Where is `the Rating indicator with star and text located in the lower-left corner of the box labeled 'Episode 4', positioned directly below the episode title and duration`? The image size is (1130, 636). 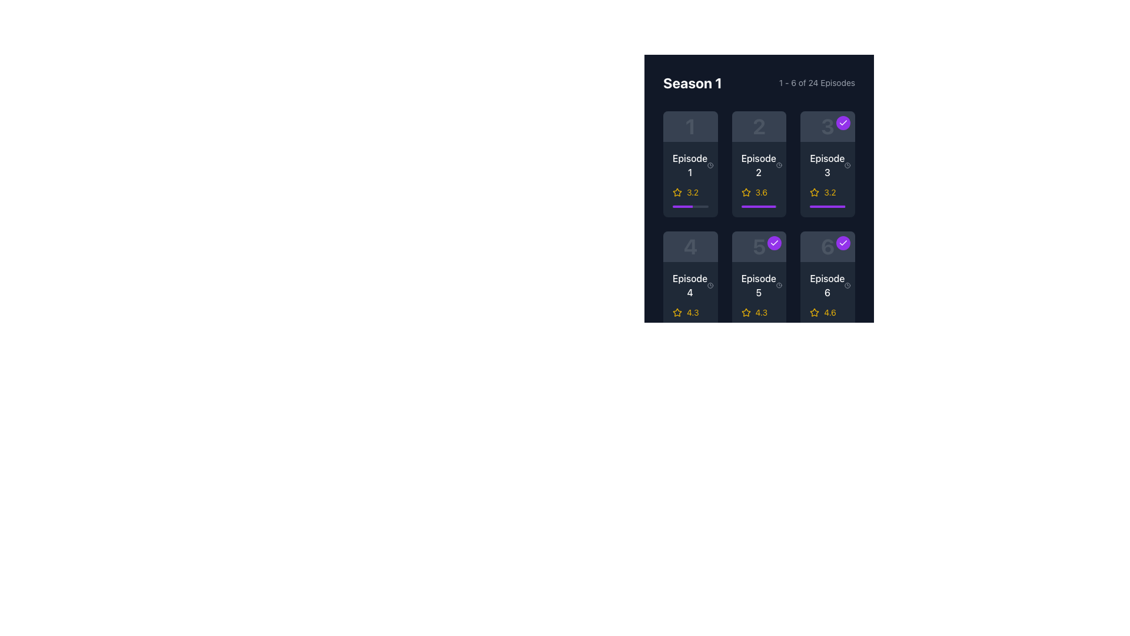 the Rating indicator with star and text located in the lower-left corner of the box labeled 'Episode 4', positioned directly below the episode title and duration is located at coordinates (690, 312).